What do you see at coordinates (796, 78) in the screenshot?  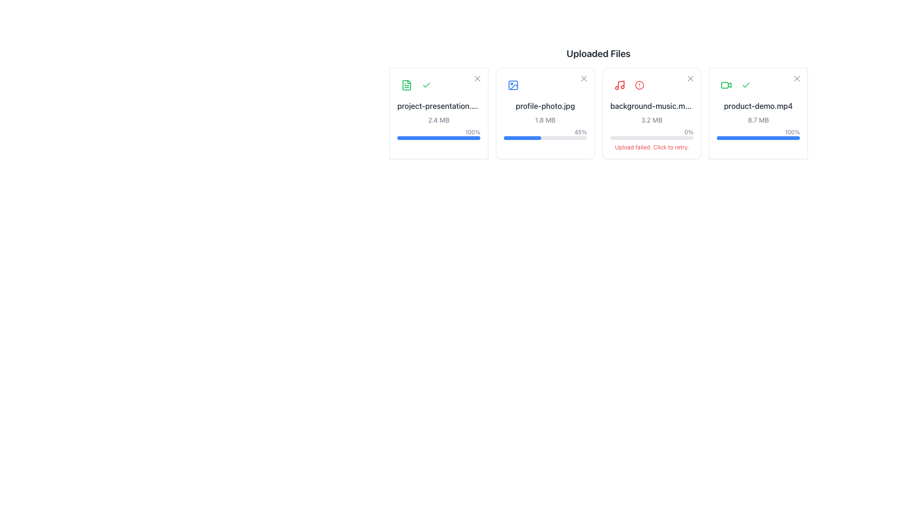 I see `the close button located at the top-right corner of the card that contains the video file 'product-demo.mp4' to trigger a visual response` at bounding box center [796, 78].